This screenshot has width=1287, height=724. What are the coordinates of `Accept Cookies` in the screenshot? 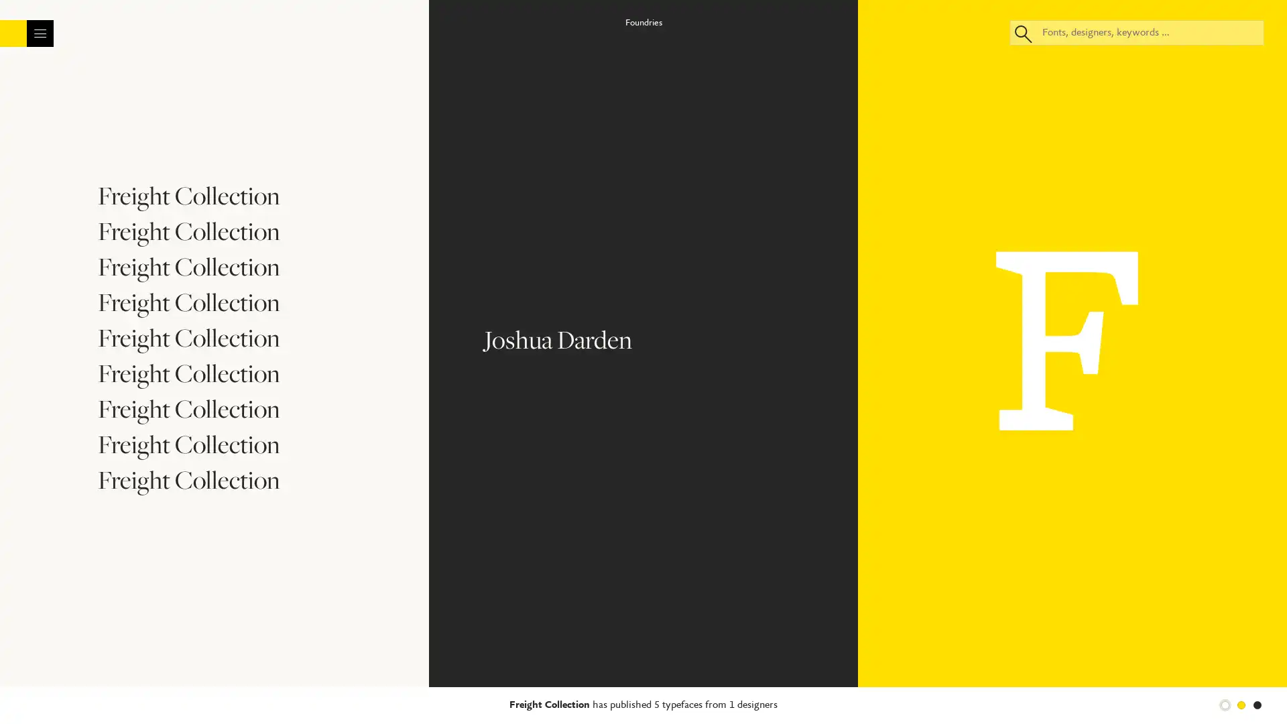 It's located at (1033, 695).